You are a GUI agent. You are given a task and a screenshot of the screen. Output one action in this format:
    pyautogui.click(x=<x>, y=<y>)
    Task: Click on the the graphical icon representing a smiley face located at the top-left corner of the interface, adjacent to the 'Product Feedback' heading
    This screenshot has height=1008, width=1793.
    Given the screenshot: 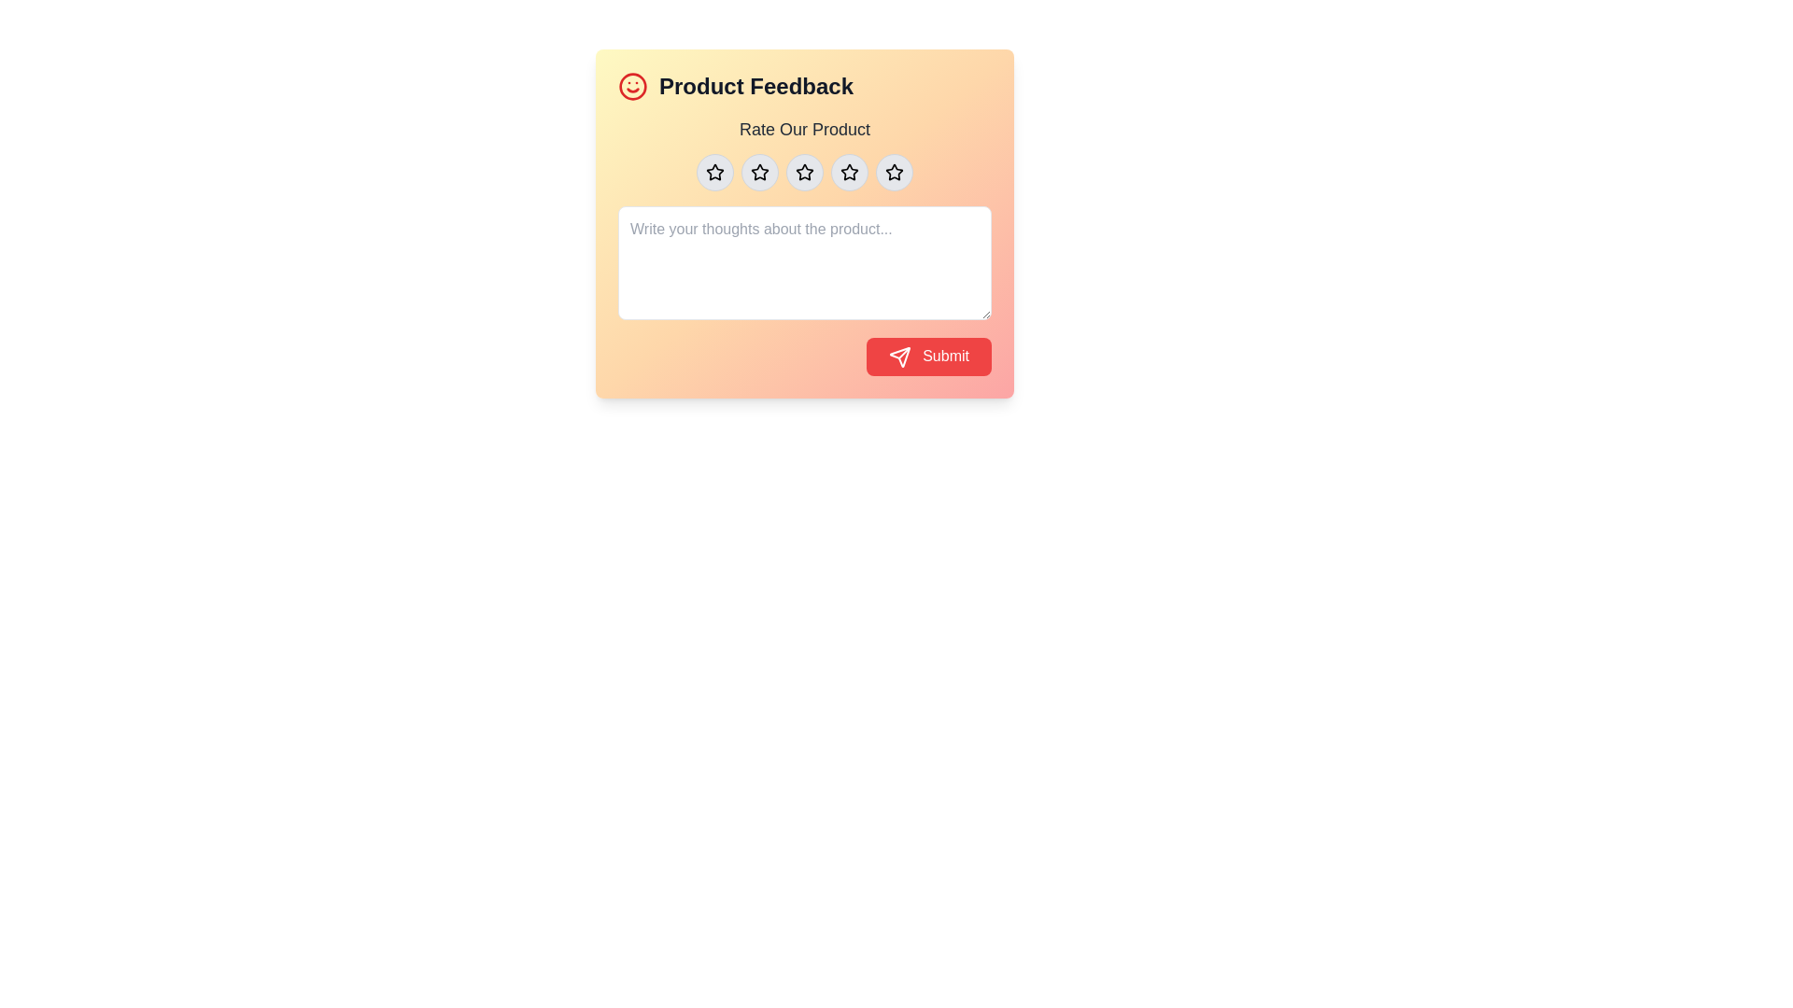 What is the action you would take?
    pyautogui.click(x=632, y=86)
    